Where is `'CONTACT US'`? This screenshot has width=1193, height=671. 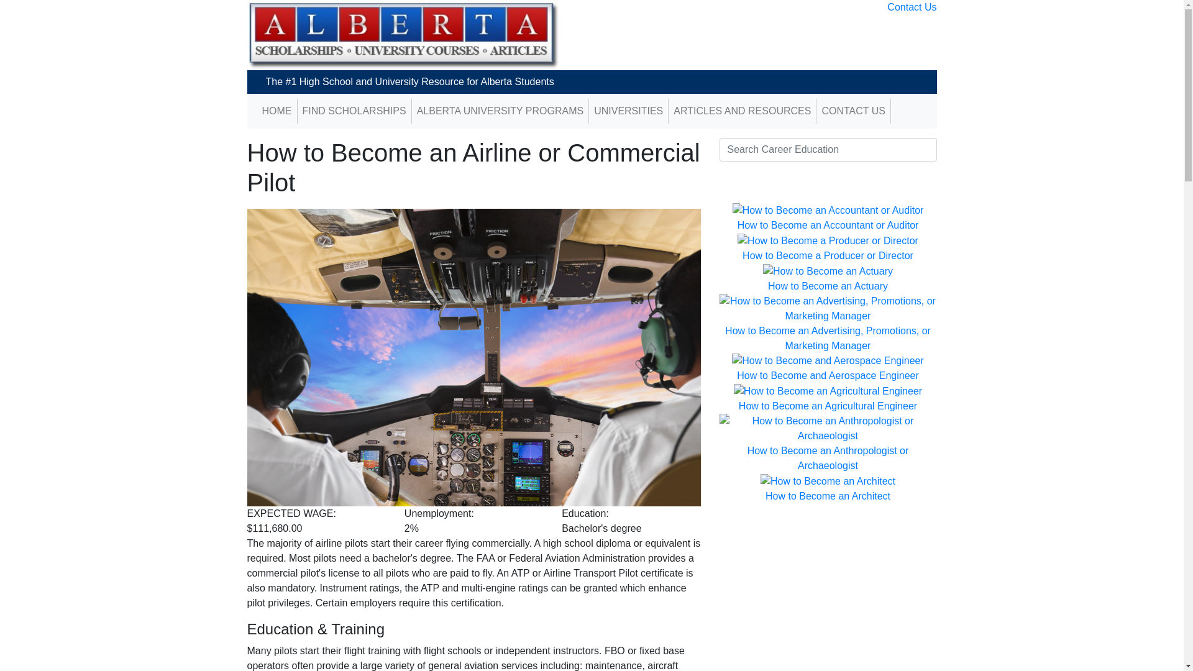
'CONTACT US' is located at coordinates (852, 110).